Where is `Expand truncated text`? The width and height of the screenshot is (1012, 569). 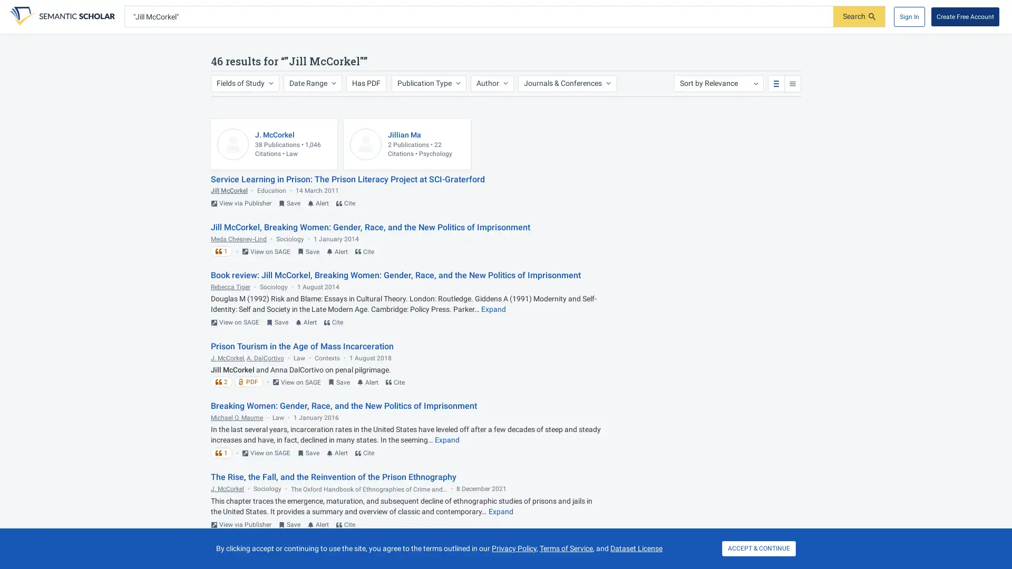
Expand truncated text is located at coordinates (447, 439).